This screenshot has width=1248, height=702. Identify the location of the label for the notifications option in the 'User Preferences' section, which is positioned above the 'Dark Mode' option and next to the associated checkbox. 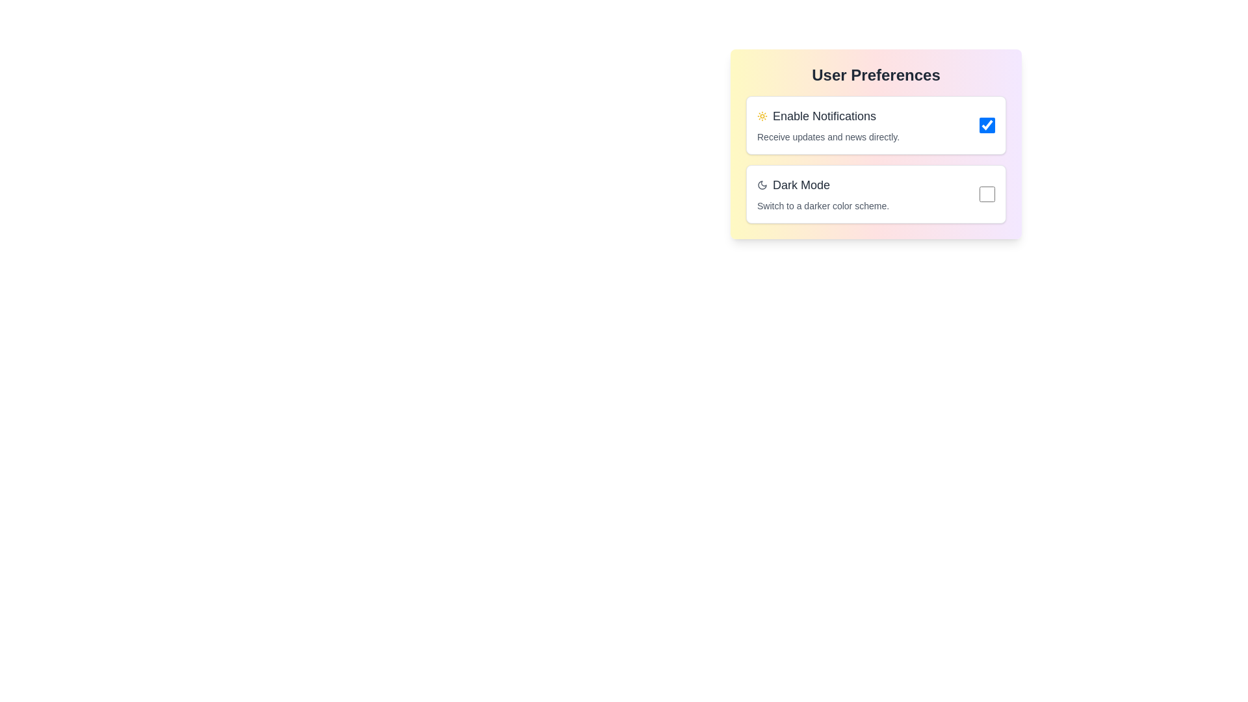
(827, 115).